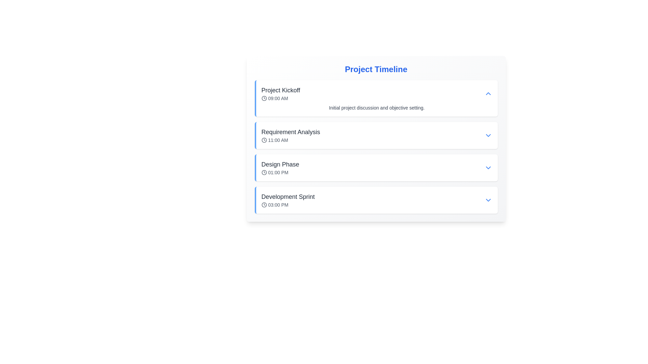 The width and height of the screenshot is (648, 364). What do you see at coordinates (264, 98) in the screenshot?
I see `the Circle graphic that forms the outer boundary of the clock icon, located to the left of the '09:00 AM' text` at bounding box center [264, 98].